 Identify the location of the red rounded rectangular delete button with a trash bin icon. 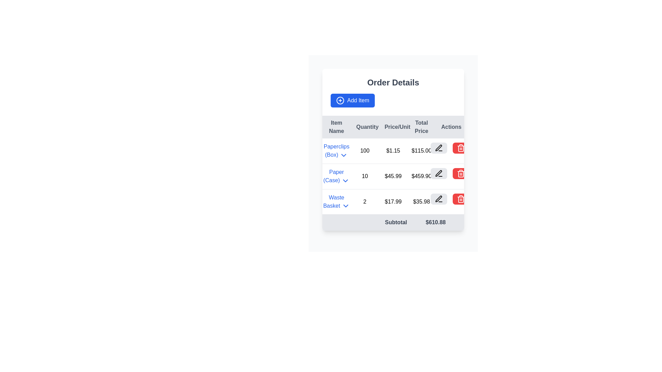
(461, 147).